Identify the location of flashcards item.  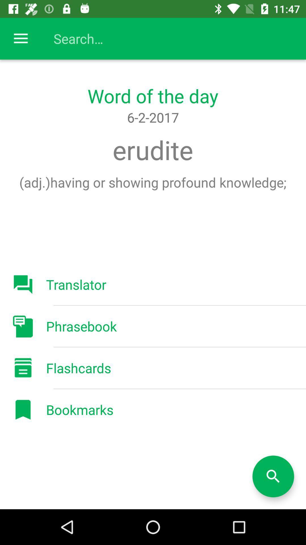
(78, 368).